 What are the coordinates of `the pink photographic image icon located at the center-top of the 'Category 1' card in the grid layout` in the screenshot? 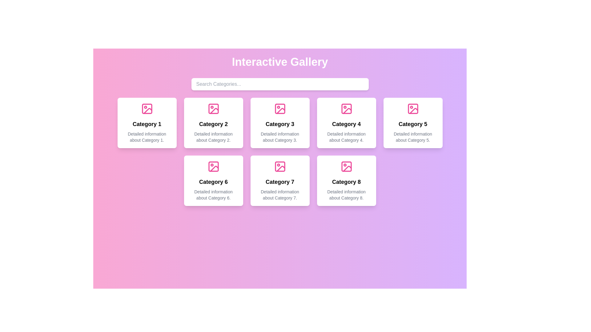 It's located at (147, 109).